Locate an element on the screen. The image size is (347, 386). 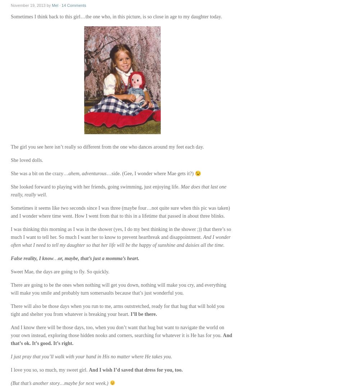
'False reality, I know' is located at coordinates (31, 258).